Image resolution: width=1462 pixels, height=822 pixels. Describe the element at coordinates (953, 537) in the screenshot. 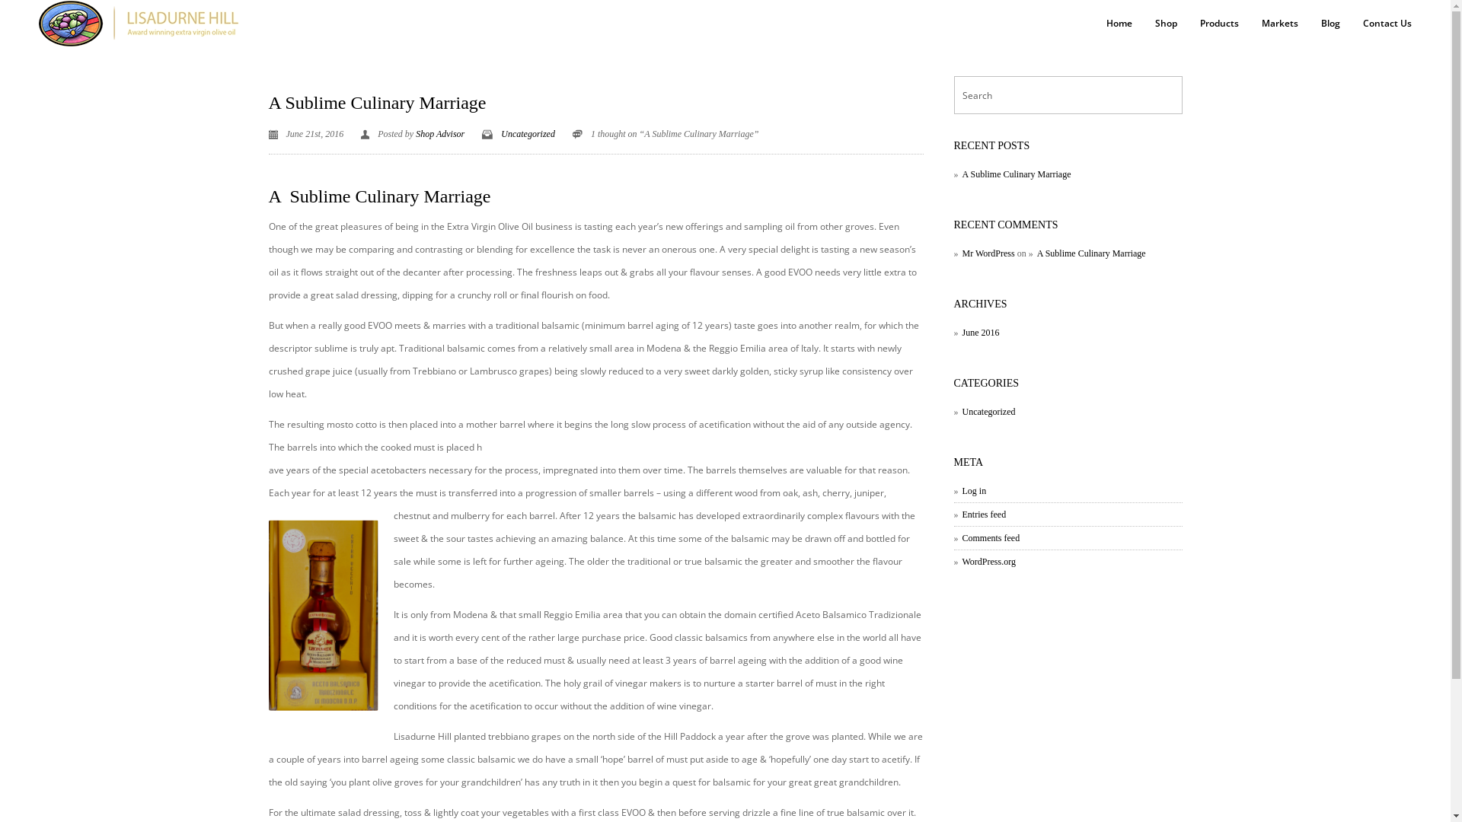

I see `'Comments feed'` at that location.